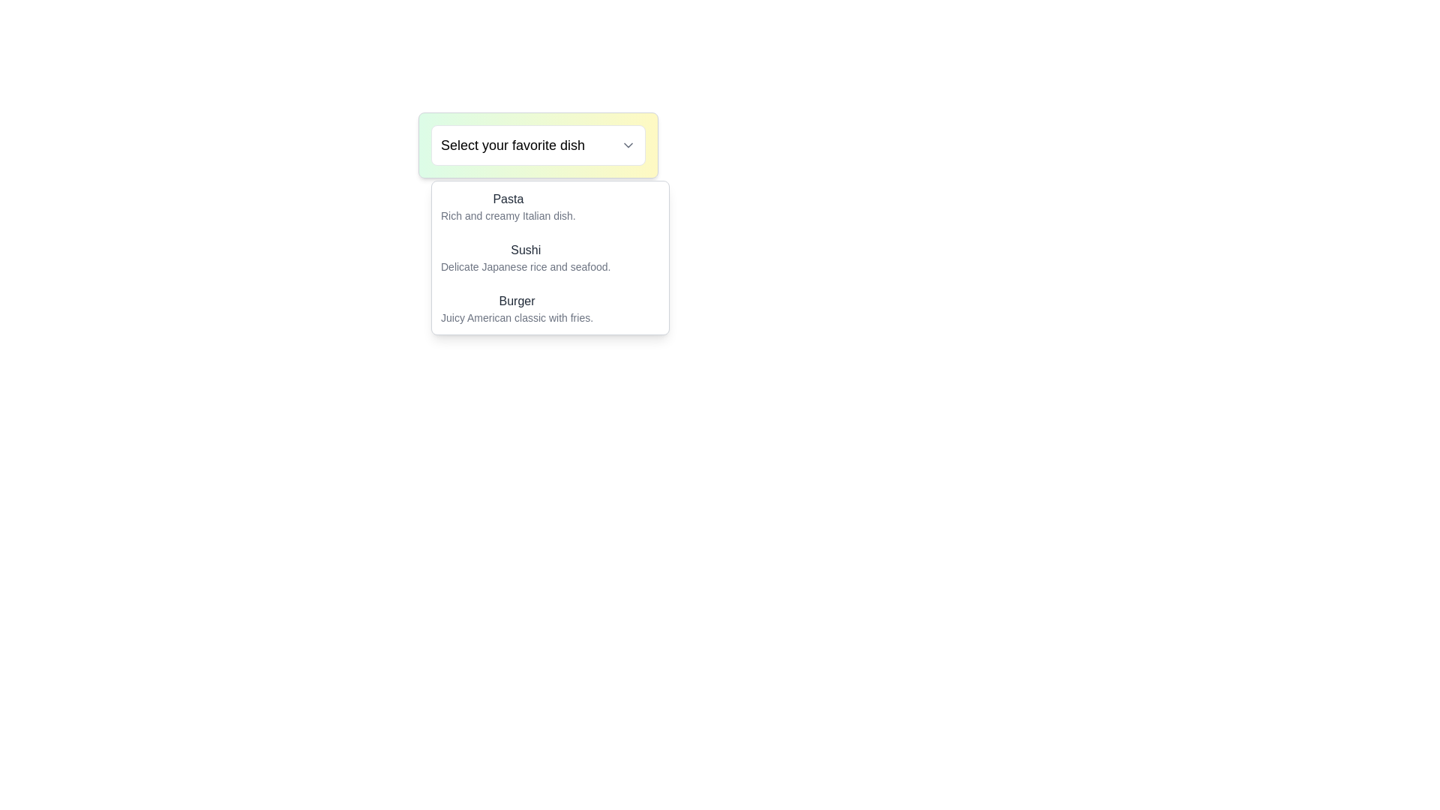 The width and height of the screenshot is (1440, 810). I want to click on text label displaying 'Juicy American classic with fries.' which is located below the 'Burger' title in the menu selection card, so click(517, 317).